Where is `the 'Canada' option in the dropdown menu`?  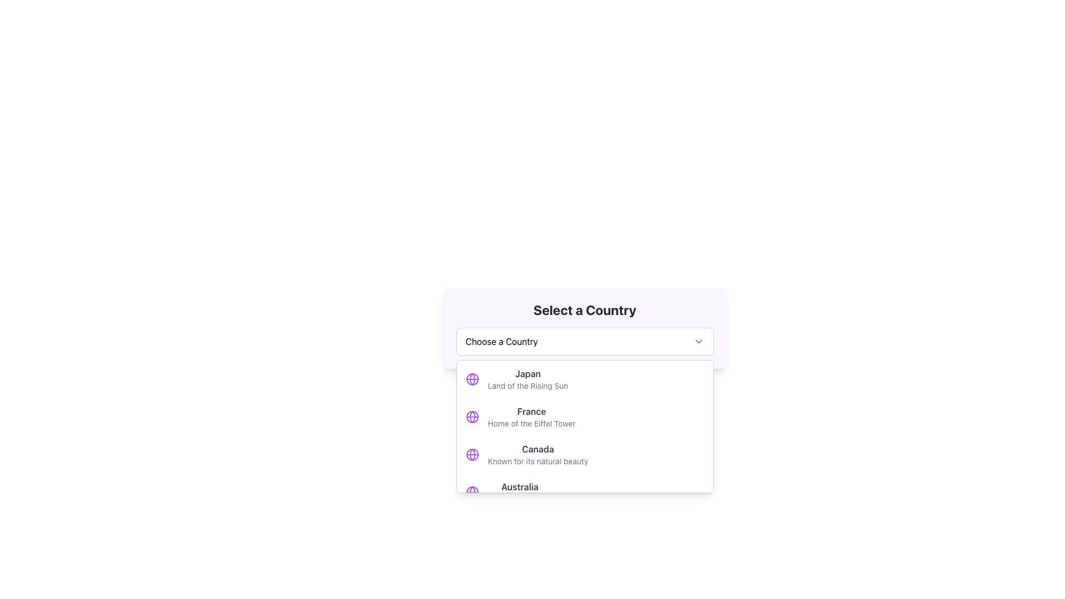 the 'Canada' option in the dropdown menu is located at coordinates (584, 455).